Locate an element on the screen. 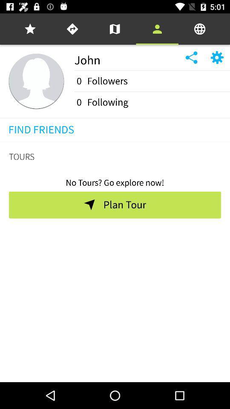 This screenshot has width=230, height=409. item next to the 0 icon is located at coordinates (107, 102).